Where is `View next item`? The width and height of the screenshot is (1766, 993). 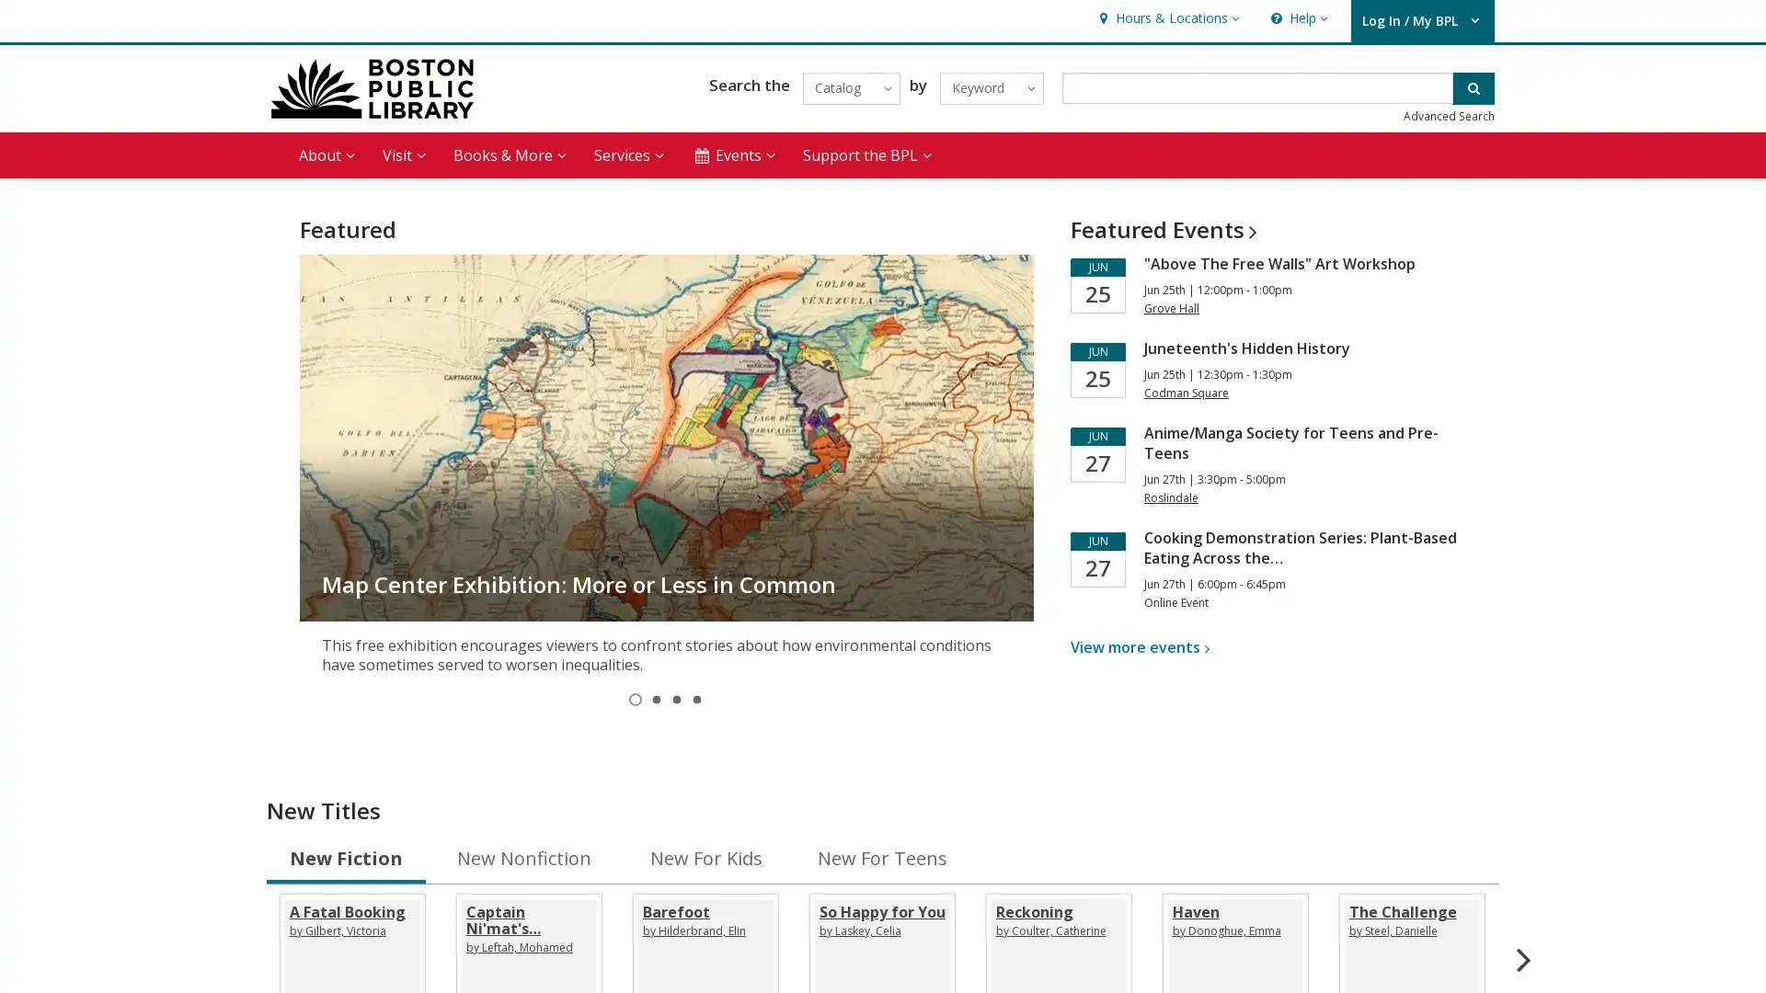 View next item is located at coordinates (1014, 436).